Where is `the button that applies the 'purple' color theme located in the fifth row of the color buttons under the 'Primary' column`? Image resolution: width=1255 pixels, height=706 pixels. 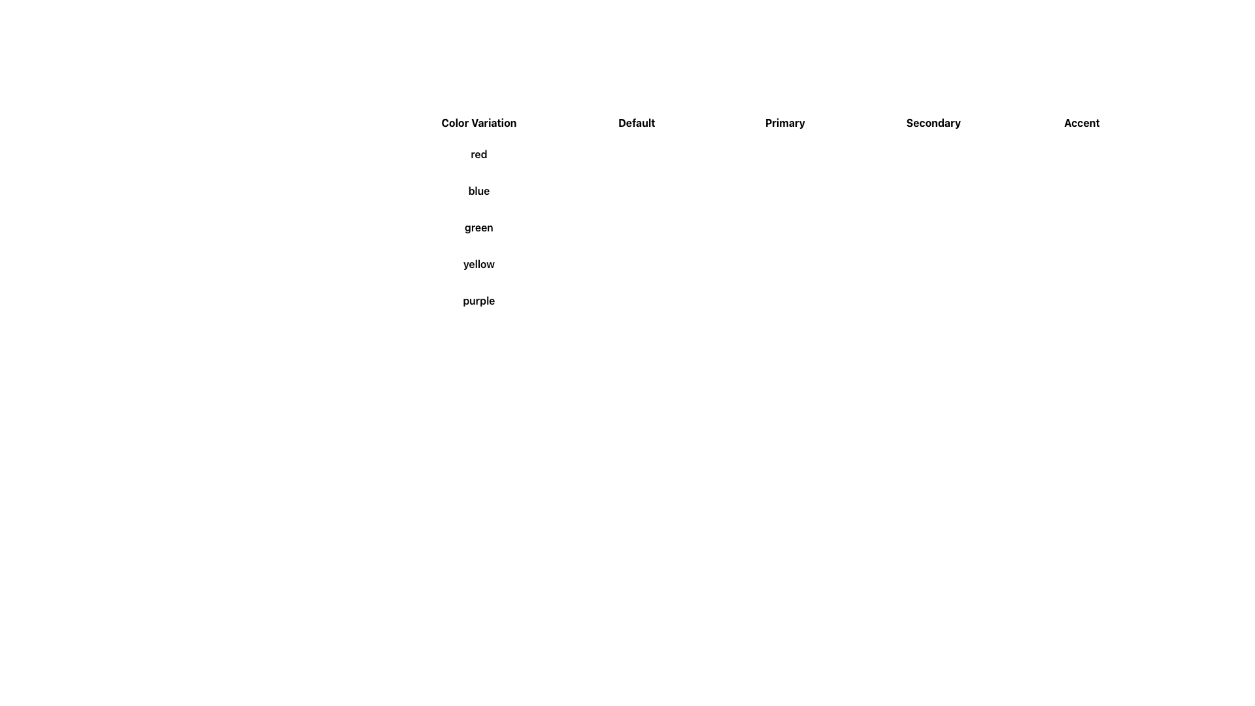 the button that applies the 'purple' color theme located in the fifth row of the color buttons under the 'Primary' column is located at coordinates (754, 300).